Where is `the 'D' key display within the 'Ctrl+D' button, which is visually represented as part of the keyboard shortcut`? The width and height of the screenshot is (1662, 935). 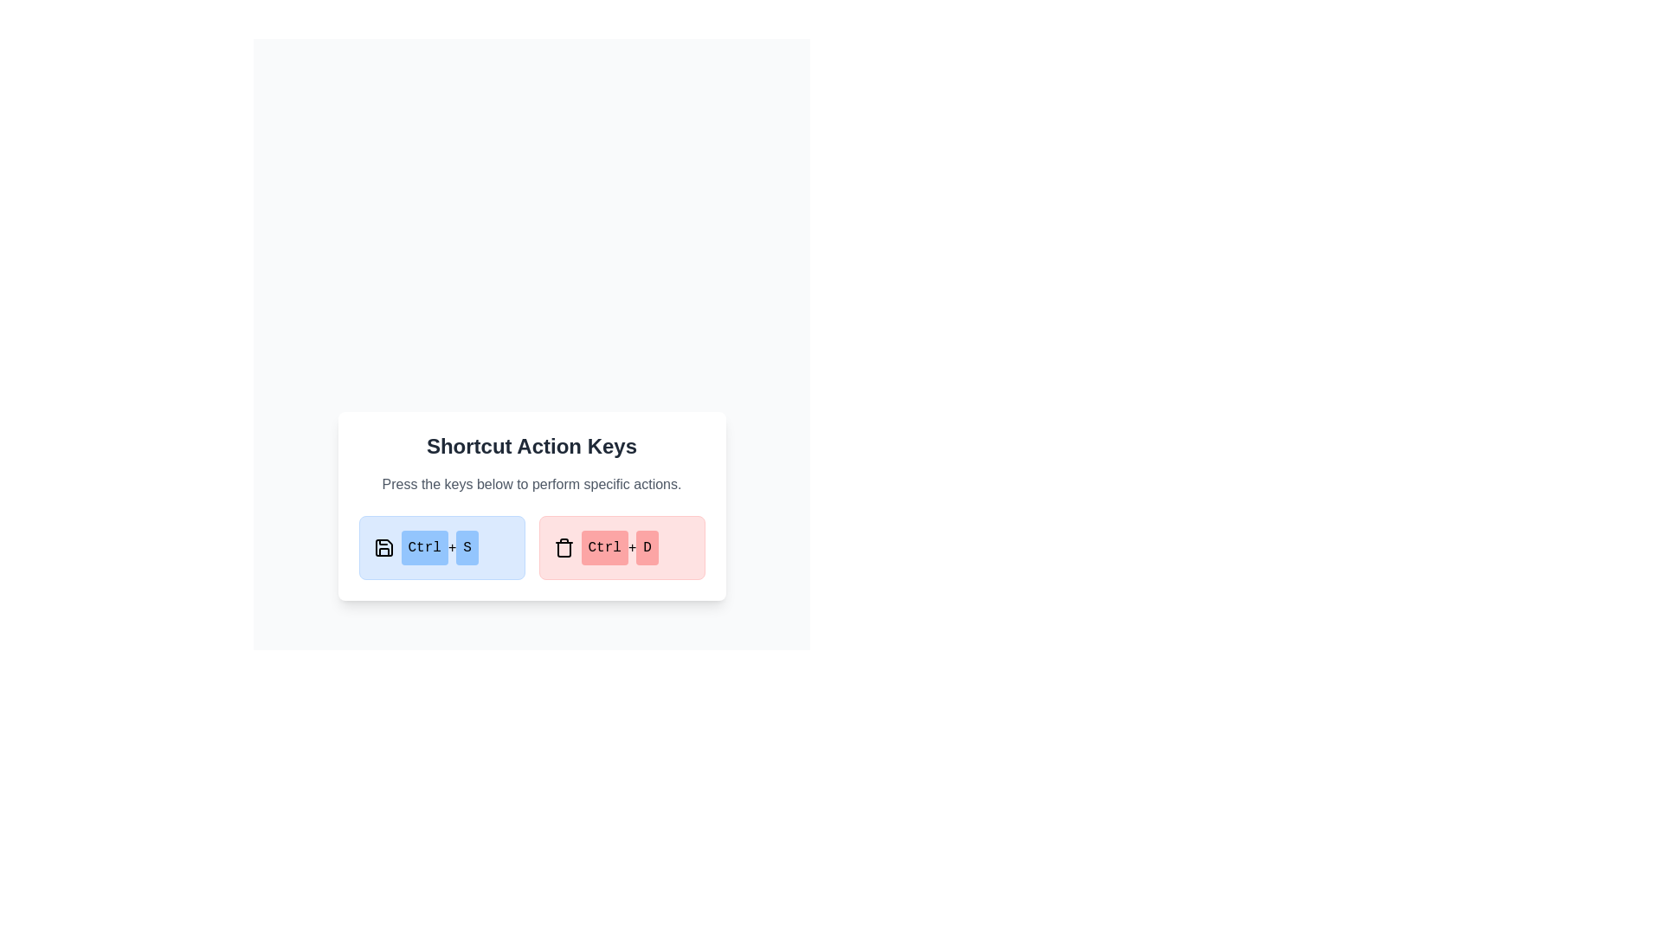 the 'D' key display within the 'Ctrl+D' button, which is visually represented as part of the keyboard shortcut is located at coordinates (647, 547).